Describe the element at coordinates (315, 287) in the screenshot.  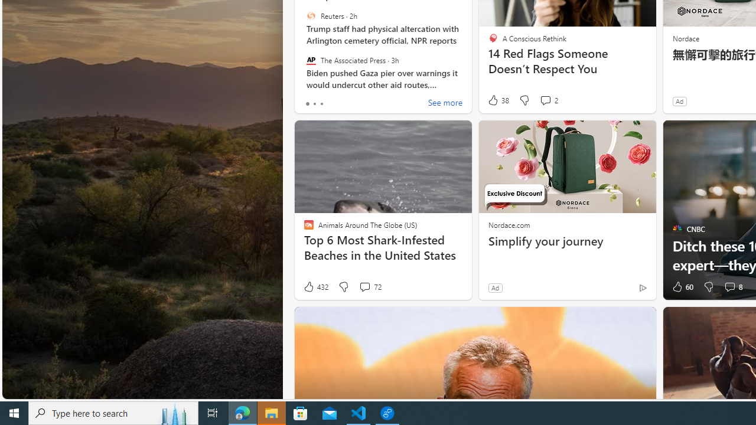
I see `'432 Like'` at that location.